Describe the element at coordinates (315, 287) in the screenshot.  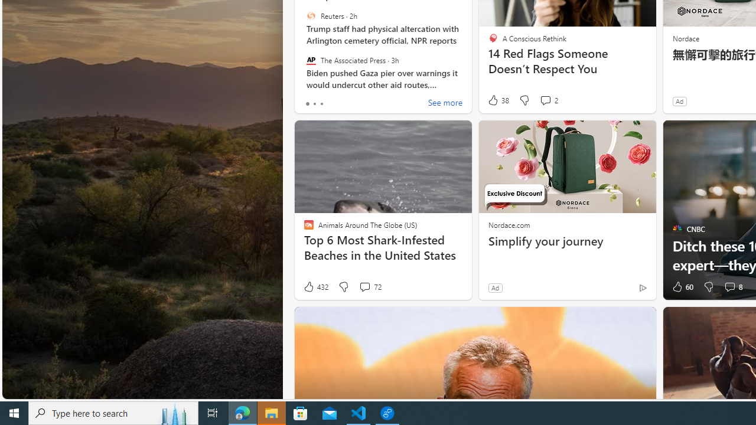
I see `'432 Like'` at that location.